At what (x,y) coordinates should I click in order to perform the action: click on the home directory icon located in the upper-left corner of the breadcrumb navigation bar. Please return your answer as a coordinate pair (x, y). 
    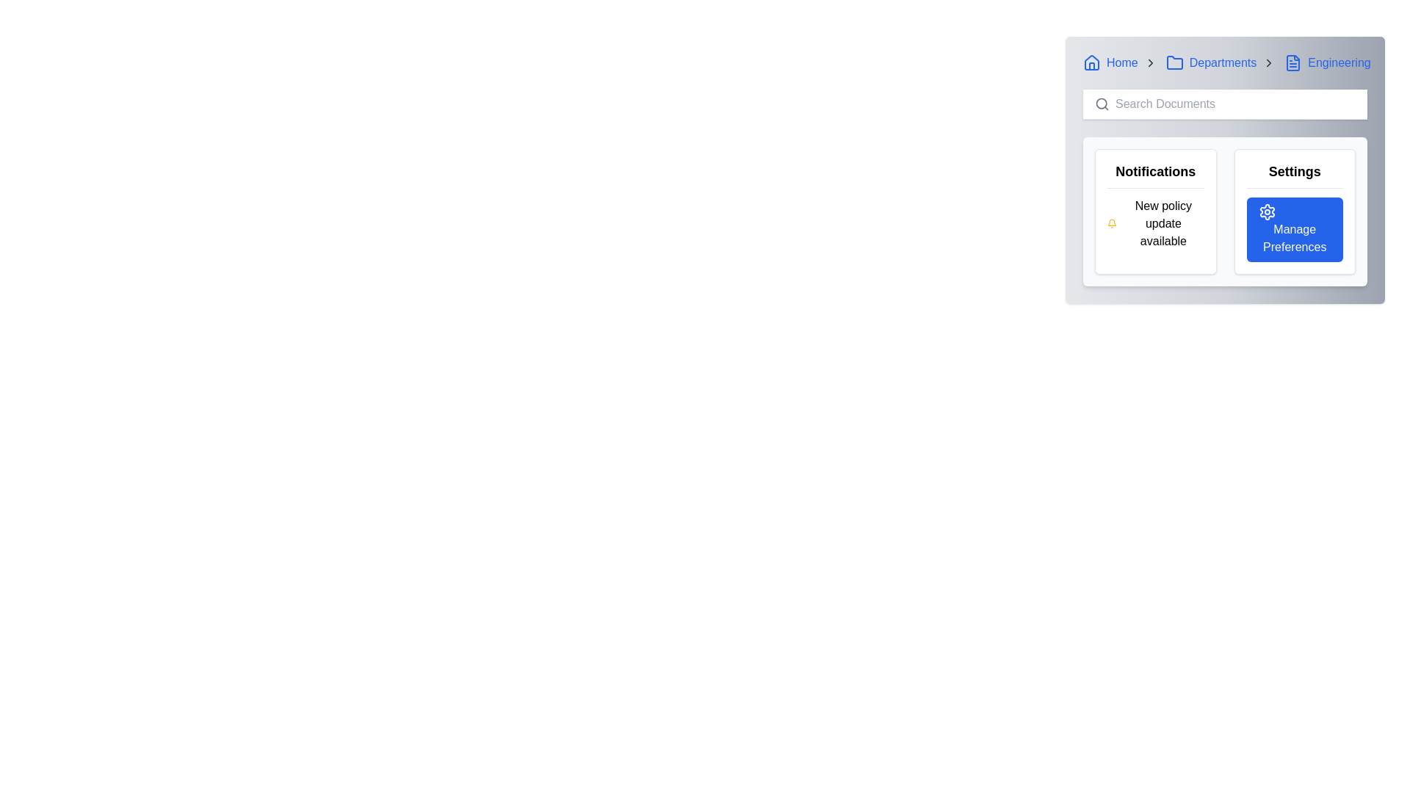
    Looking at the image, I should click on (1092, 61).